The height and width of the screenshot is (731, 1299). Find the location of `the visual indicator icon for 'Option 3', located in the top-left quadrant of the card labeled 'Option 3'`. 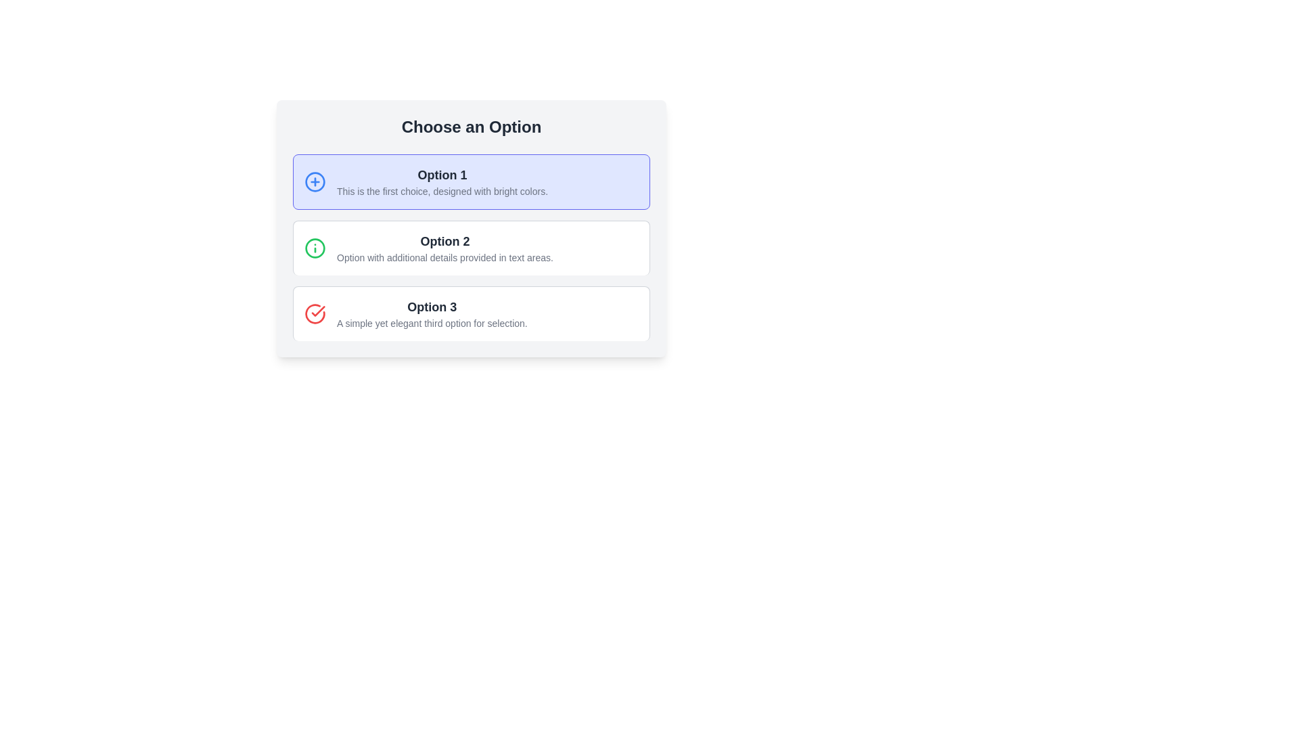

the visual indicator icon for 'Option 3', located in the top-left quadrant of the card labeled 'Option 3' is located at coordinates (314, 313).